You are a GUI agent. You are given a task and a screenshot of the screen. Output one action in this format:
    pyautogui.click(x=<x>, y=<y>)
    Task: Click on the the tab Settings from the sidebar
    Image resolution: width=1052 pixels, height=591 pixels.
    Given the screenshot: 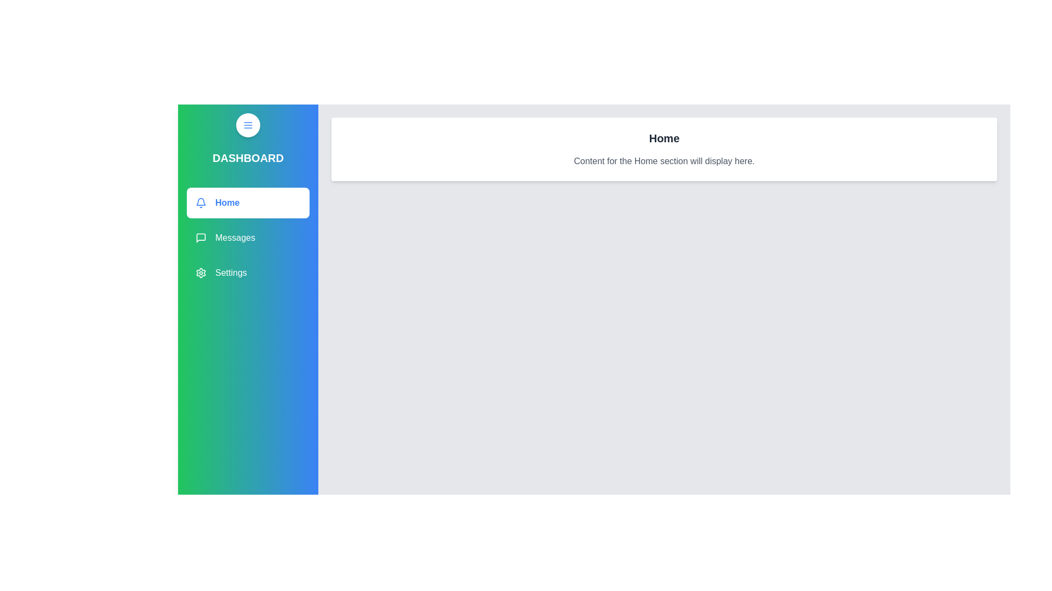 What is the action you would take?
    pyautogui.click(x=247, y=272)
    